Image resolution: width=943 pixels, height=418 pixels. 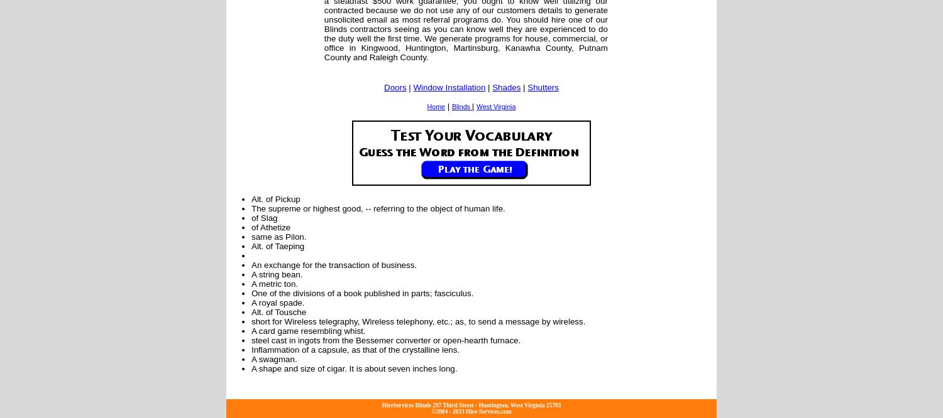 What do you see at coordinates (470, 405) in the screenshot?
I see `'HireServices Blinds 297 Third Street - Huntington, West Virginia 25703'` at bounding box center [470, 405].